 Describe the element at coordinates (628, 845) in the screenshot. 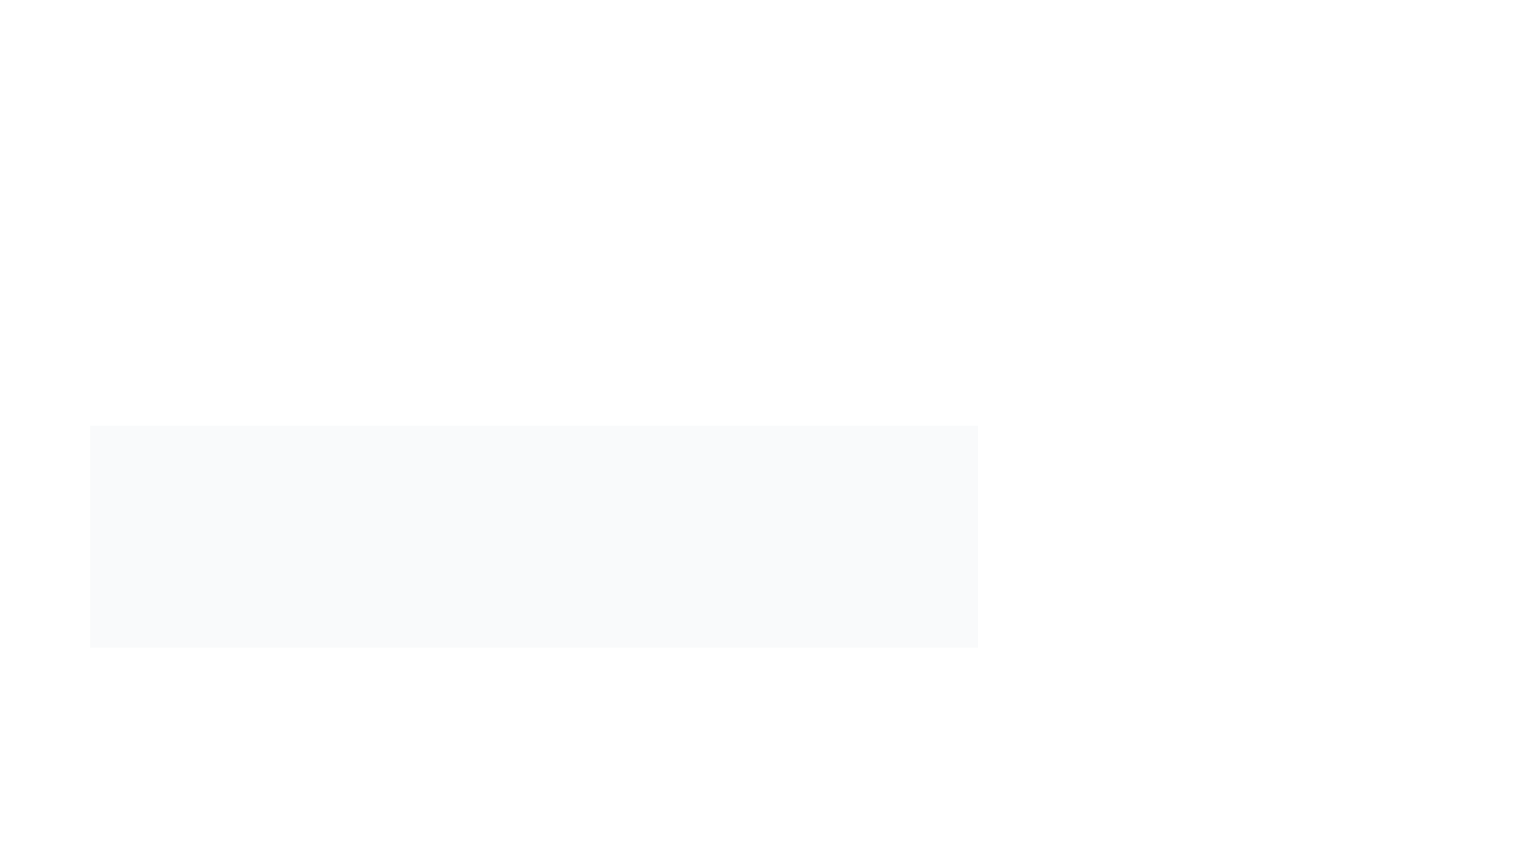

I see `the slider value` at that location.